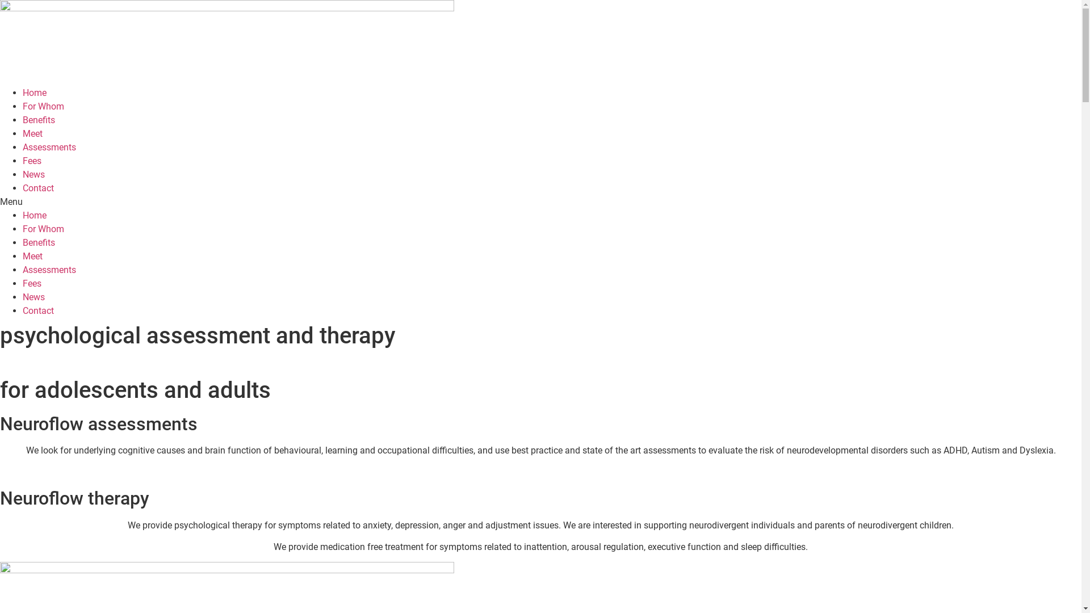  I want to click on 'Home', so click(35, 92).